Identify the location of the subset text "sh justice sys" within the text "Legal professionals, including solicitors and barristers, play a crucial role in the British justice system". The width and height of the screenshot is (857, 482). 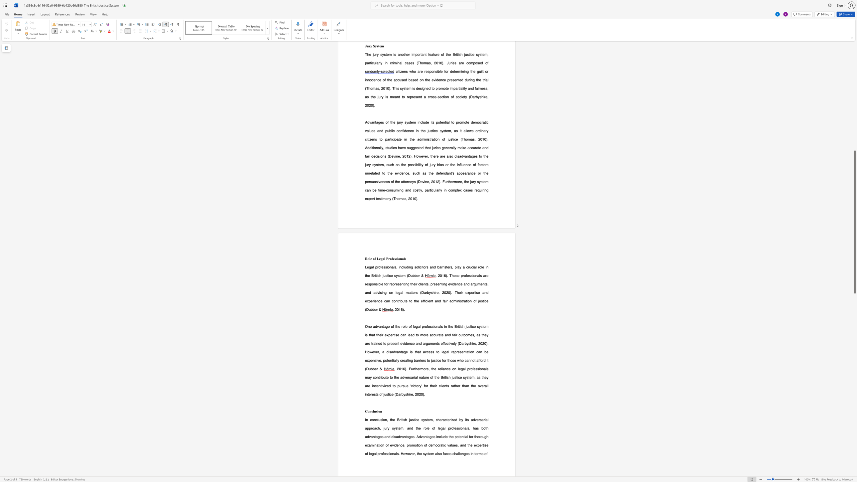
(377, 275).